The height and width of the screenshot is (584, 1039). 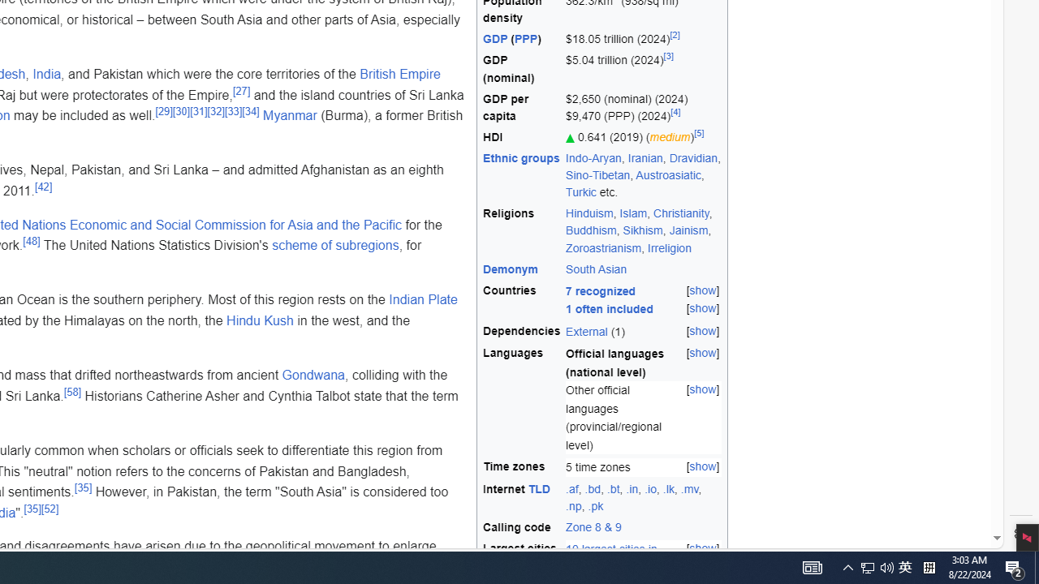 What do you see at coordinates (592, 487) in the screenshot?
I see `'.bd'` at bounding box center [592, 487].